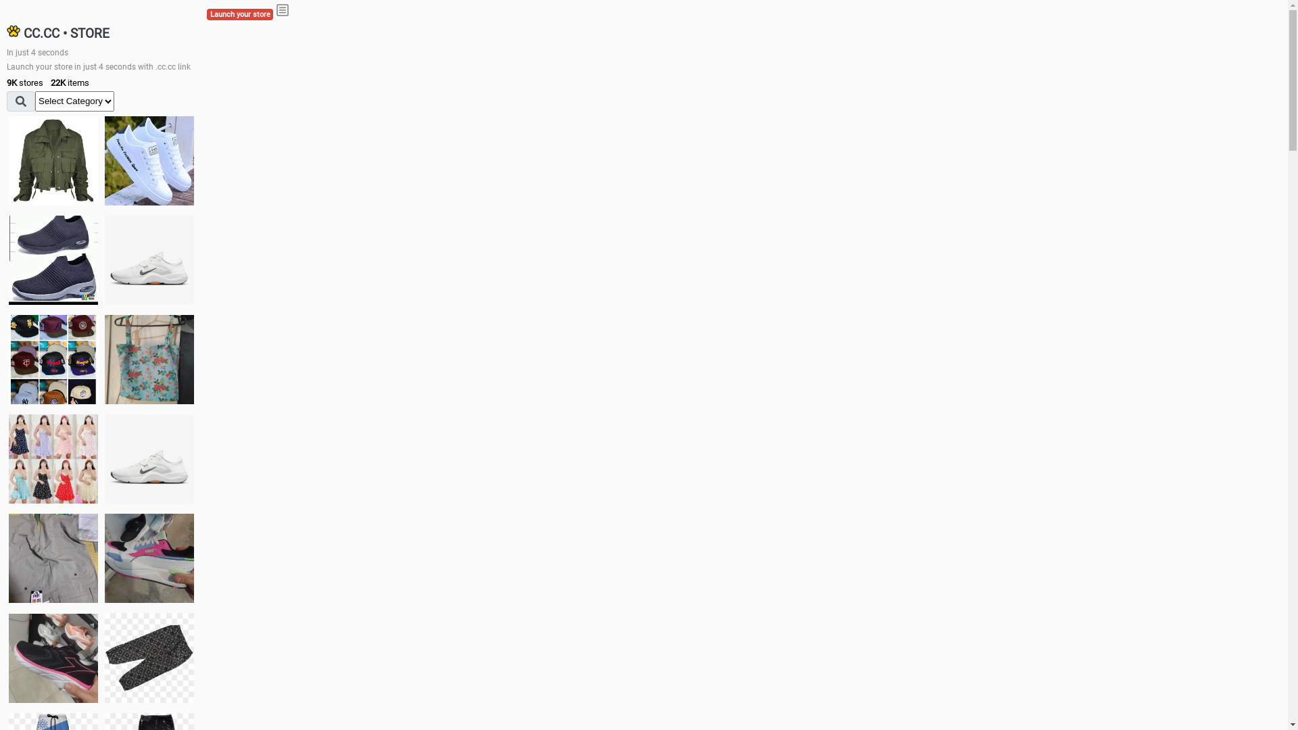 This screenshot has width=1298, height=730. Describe the element at coordinates (103, 160) in the screenshot. I see `'white shoes'` at that location.